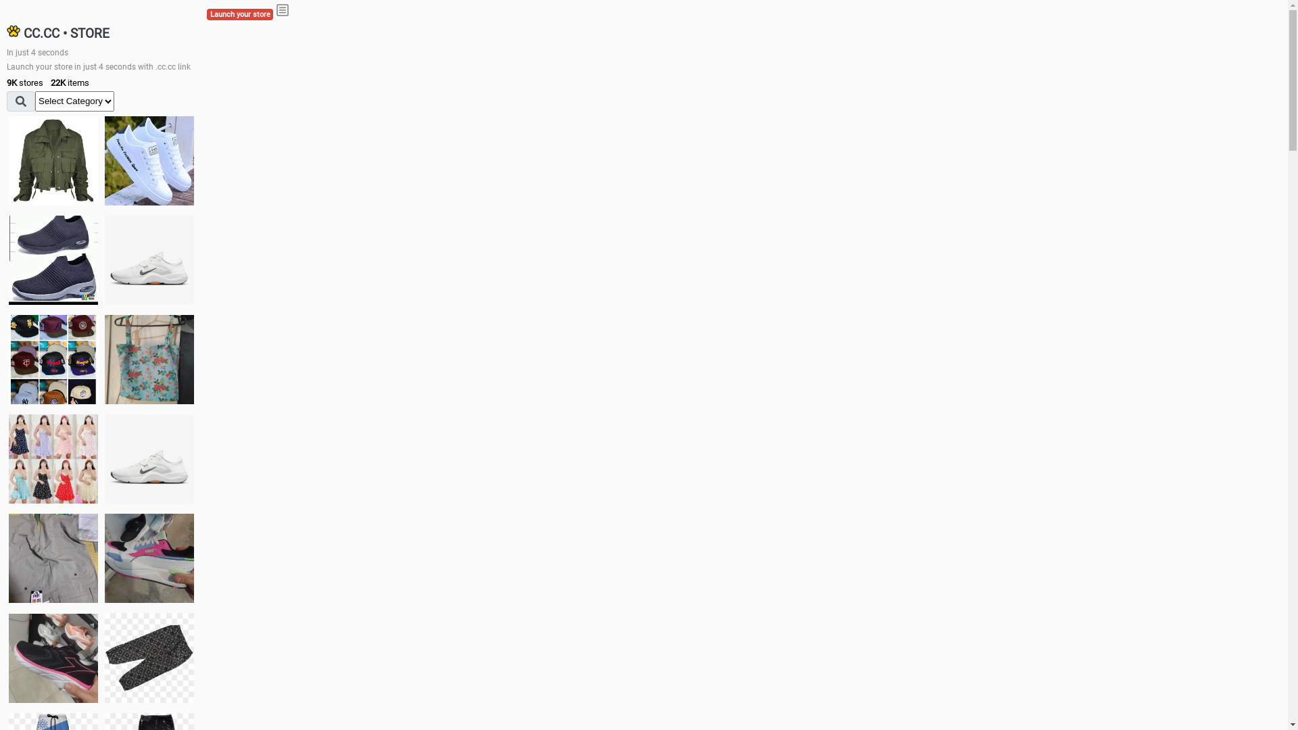 This screenshot has width=1298, height=730. Describe the element at coordinates (103, 160) in the screenshot. I see `'white shoes'` at that location.